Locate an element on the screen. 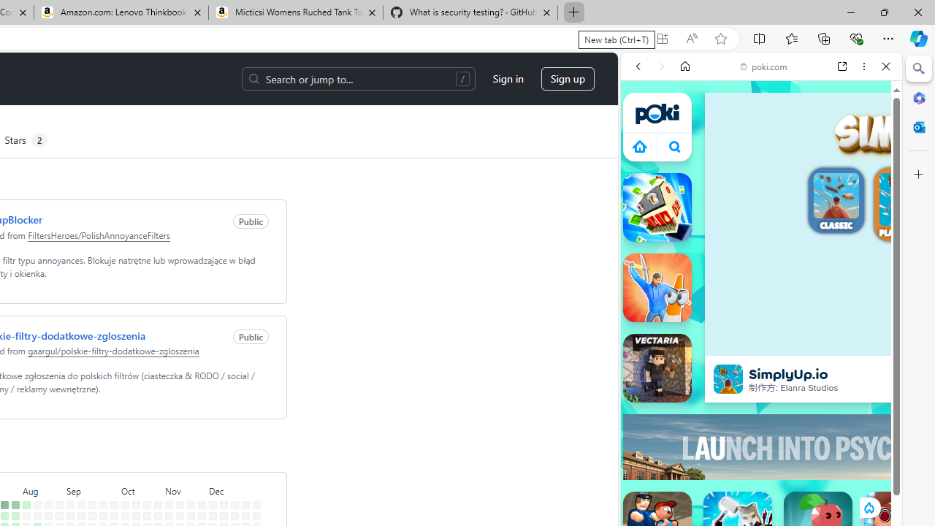 The width and height of the screenshot is (935, 526). 'No contributions on October 6th.' is located at coordinates (125, 504).